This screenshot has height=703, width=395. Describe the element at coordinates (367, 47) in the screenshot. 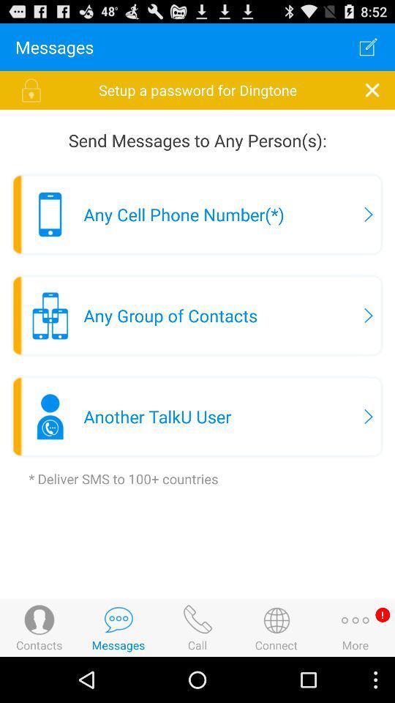

I see `app above the setup a password app` at that location.